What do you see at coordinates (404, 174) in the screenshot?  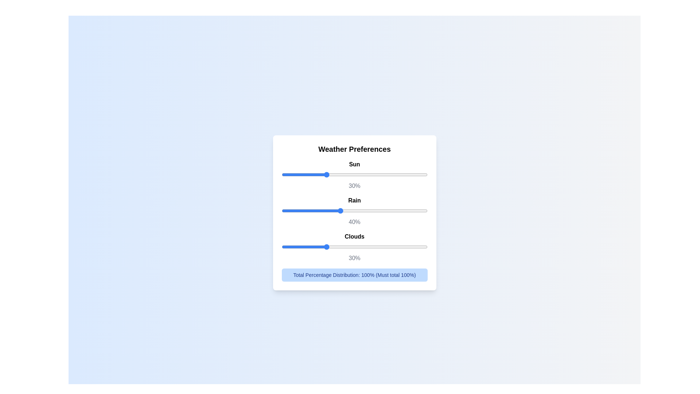 I see `the slider for 0 to set the percentage to 34` at bounding box center [404, 174].